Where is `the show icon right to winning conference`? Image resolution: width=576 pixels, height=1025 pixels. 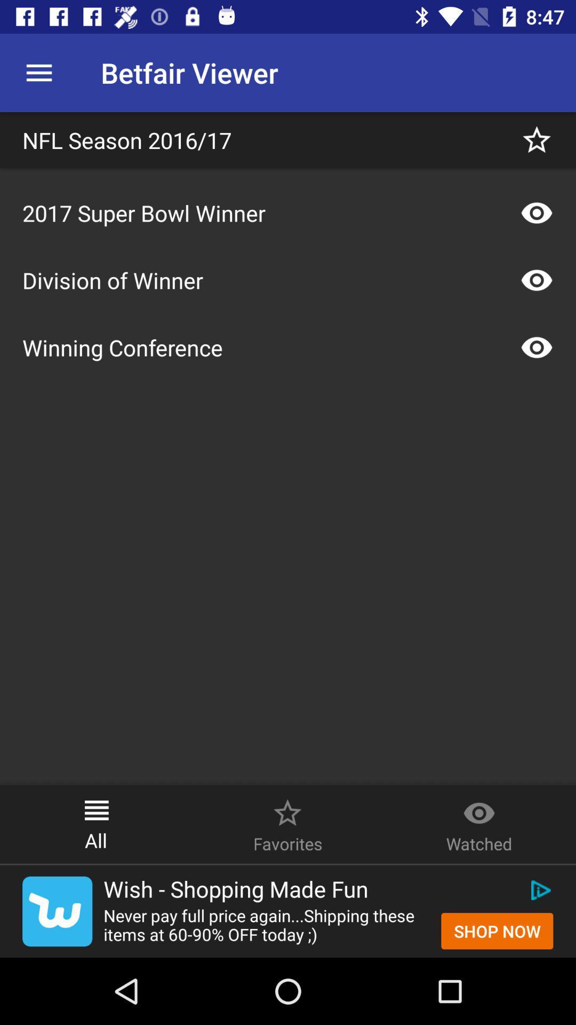 the show icon right to winning conference is located at coordinates (537, 348).